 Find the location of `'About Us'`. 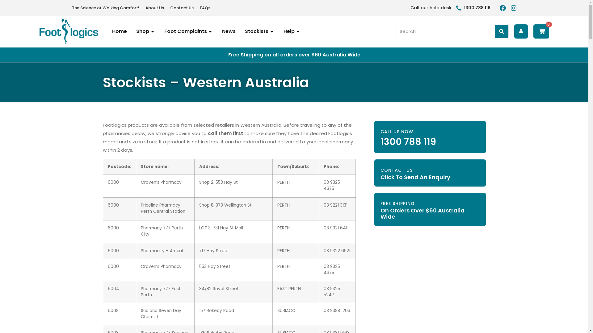

'About Us' is located at coordinates (154, 8).